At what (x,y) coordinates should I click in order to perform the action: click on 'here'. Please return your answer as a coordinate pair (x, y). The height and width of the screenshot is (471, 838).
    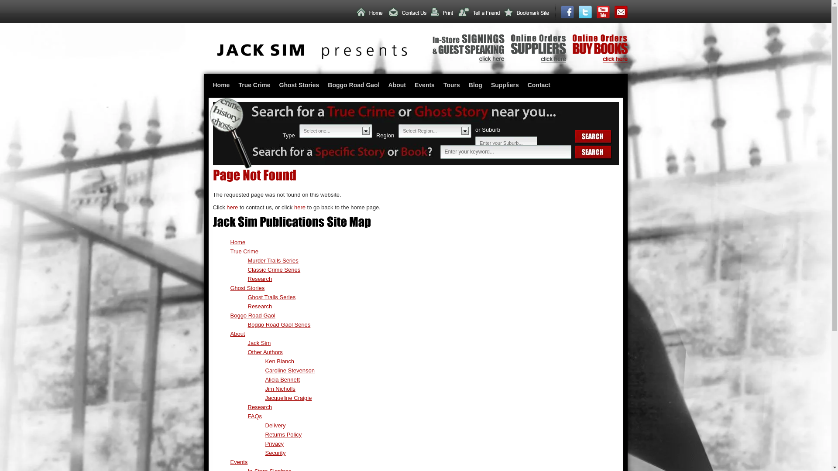
    Looking at the image, I should click on (226, 207).